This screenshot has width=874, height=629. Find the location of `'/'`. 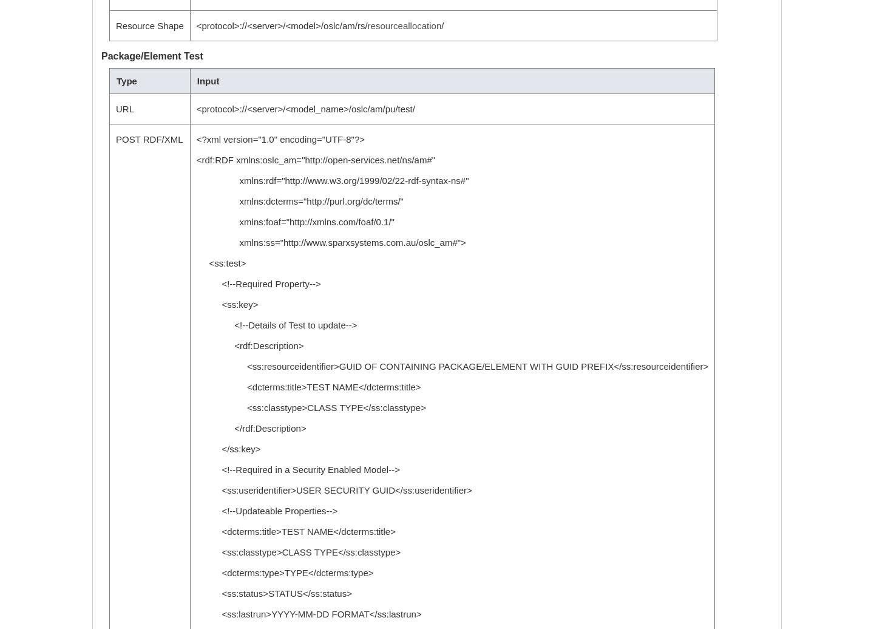

'/' is located at coordinates (441, 25).